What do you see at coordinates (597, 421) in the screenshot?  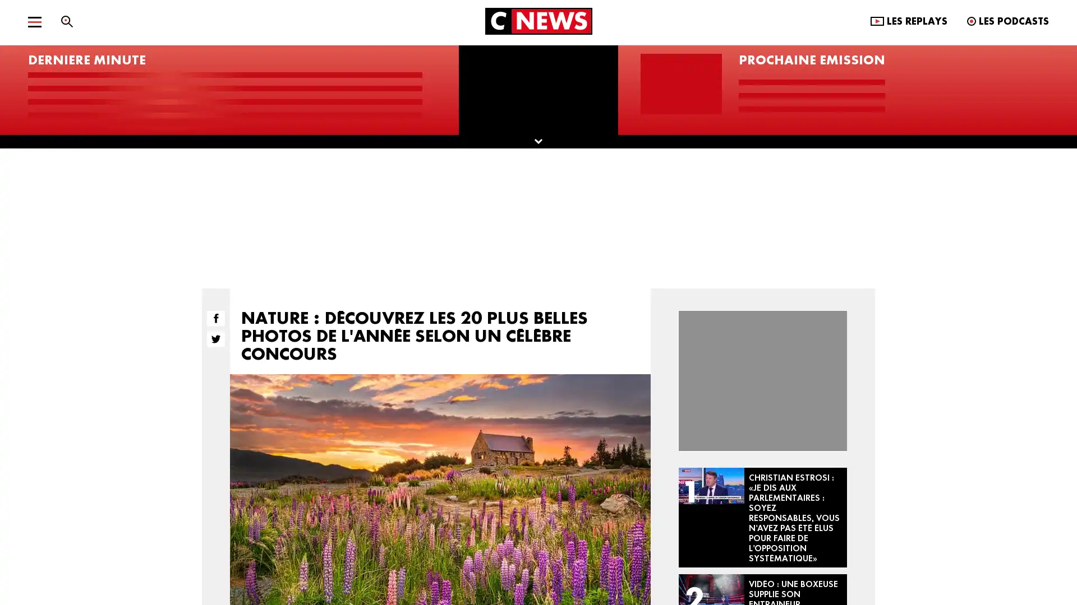 I see `Accepter notre traitement des donnees et fermer` at bounding box center [597, 421].